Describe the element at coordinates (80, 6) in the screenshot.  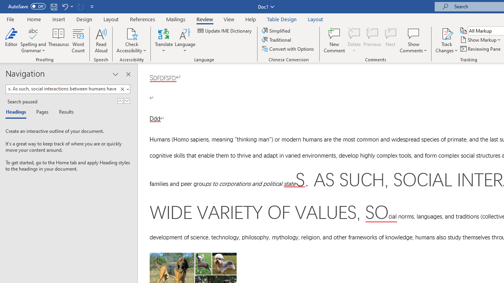
I see `'Can'` at that location.